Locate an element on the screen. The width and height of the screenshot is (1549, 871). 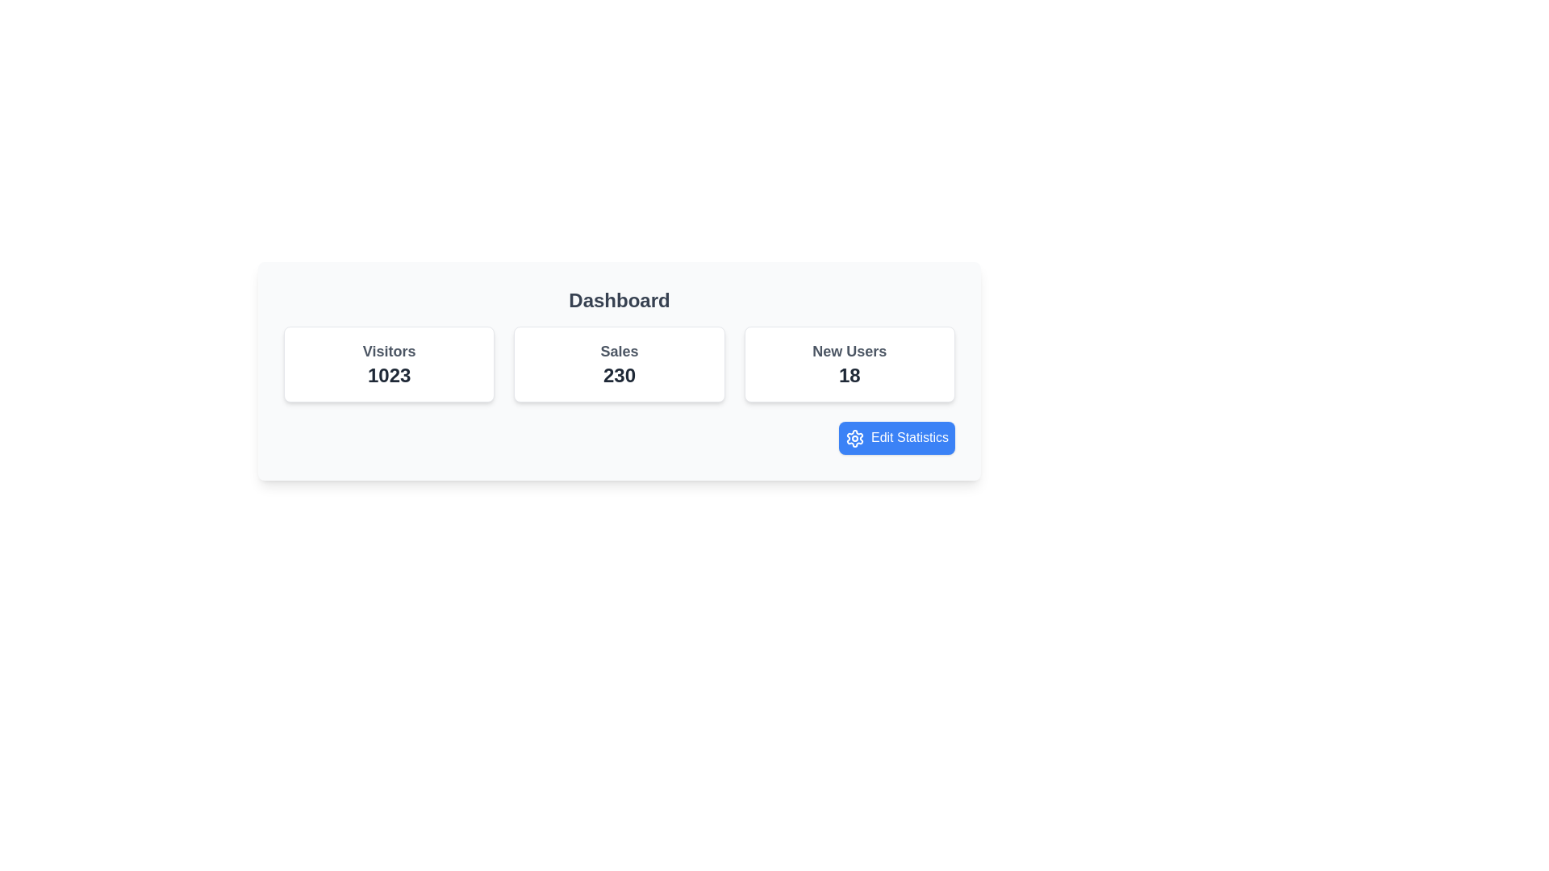
value displayed as '1023', which is styled in bold dark gray font and located under the 'Visitors' label in the leftmost card of the dashboard is located at coordinates (389, 376).